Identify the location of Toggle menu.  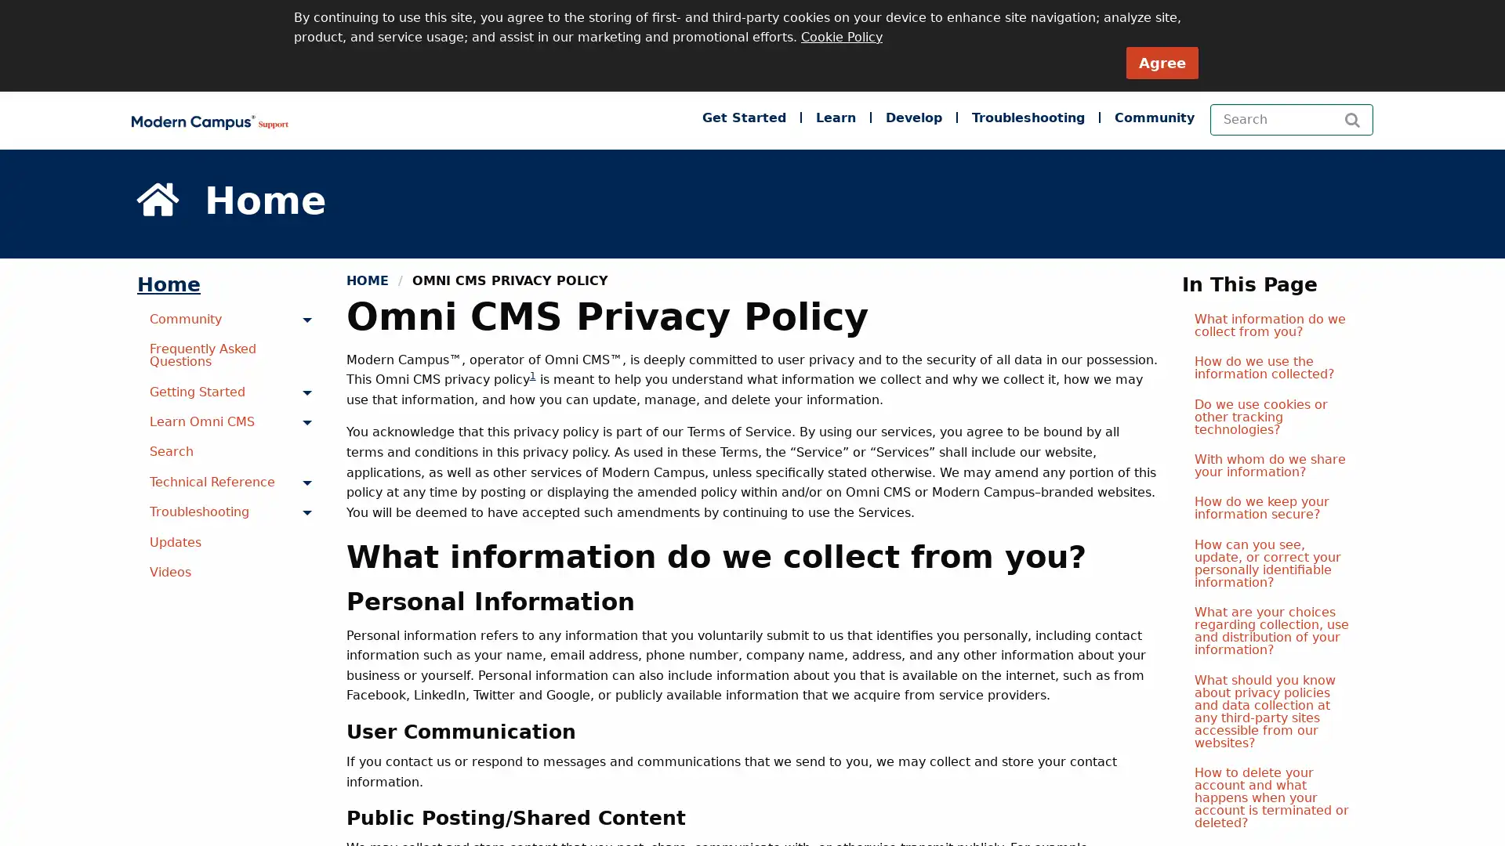
(306, 482).